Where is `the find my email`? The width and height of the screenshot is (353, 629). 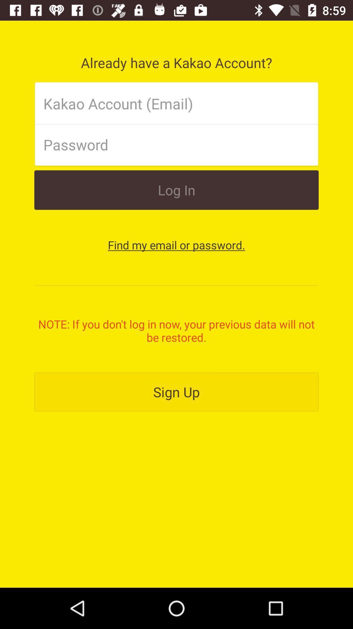 the find my email is located at coordinates (176, 244).